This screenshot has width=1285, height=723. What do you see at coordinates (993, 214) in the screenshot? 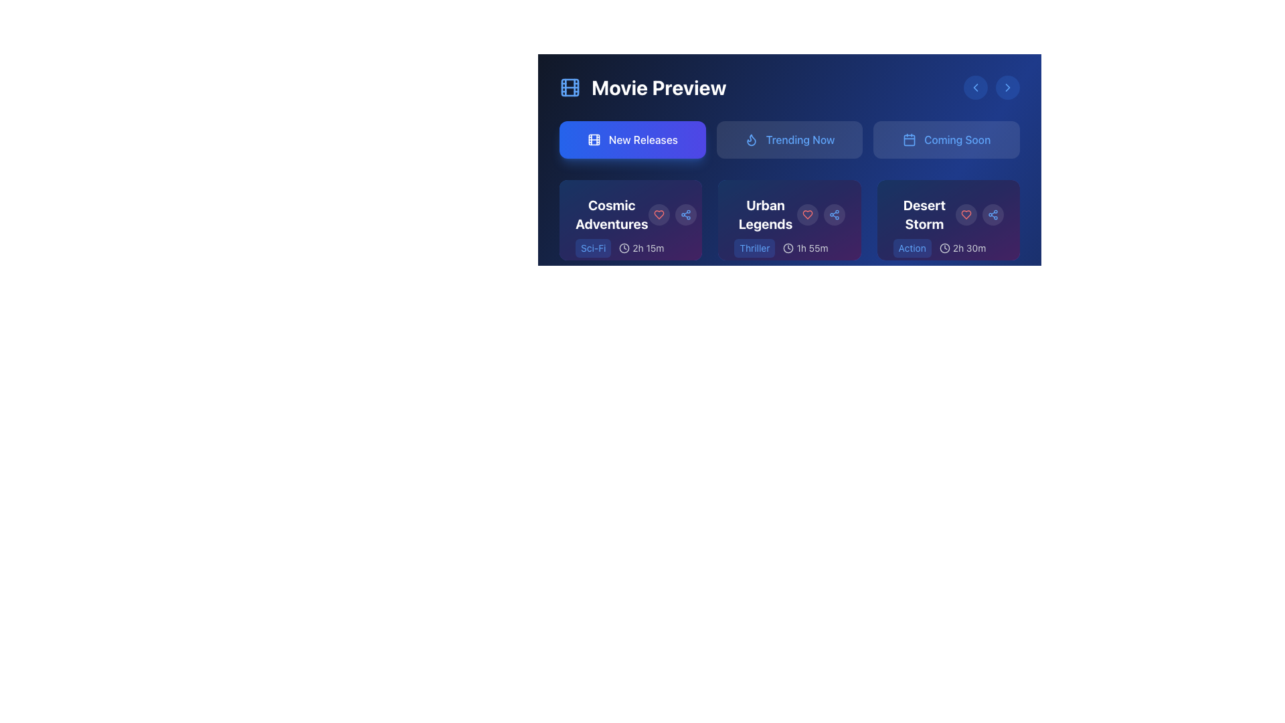
I see `the share button located to the right of the 'Heart' icon button in the controls area below the 'Desert Storm' movie card` at bounding box center [993, 214].